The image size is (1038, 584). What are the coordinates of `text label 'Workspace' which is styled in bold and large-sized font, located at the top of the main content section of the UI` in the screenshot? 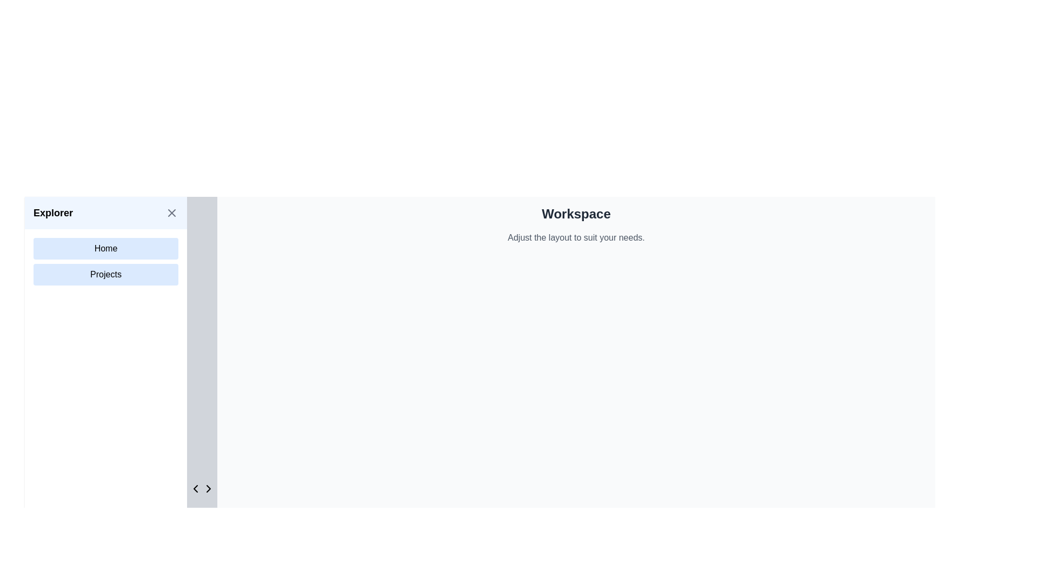 It's located at (575, 214).